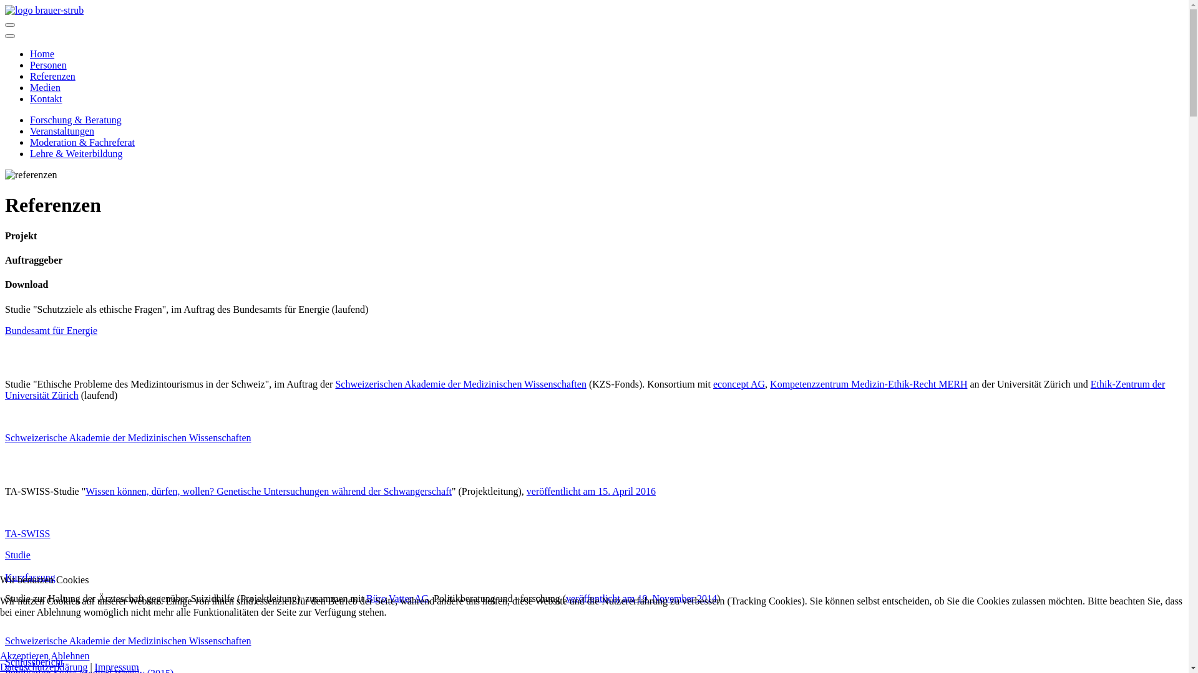 This screenshot has height=673, width=1198. Describe the element at coordinates (739, 383) in the screenshot. I see `'econcept AG'` at that location.